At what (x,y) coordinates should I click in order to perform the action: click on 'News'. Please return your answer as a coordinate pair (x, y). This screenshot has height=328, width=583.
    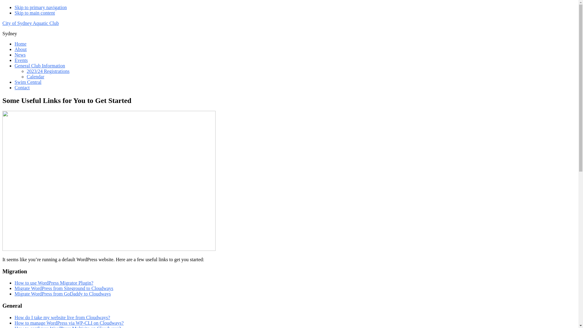
    Looking at the image, I should click on (20, 55).